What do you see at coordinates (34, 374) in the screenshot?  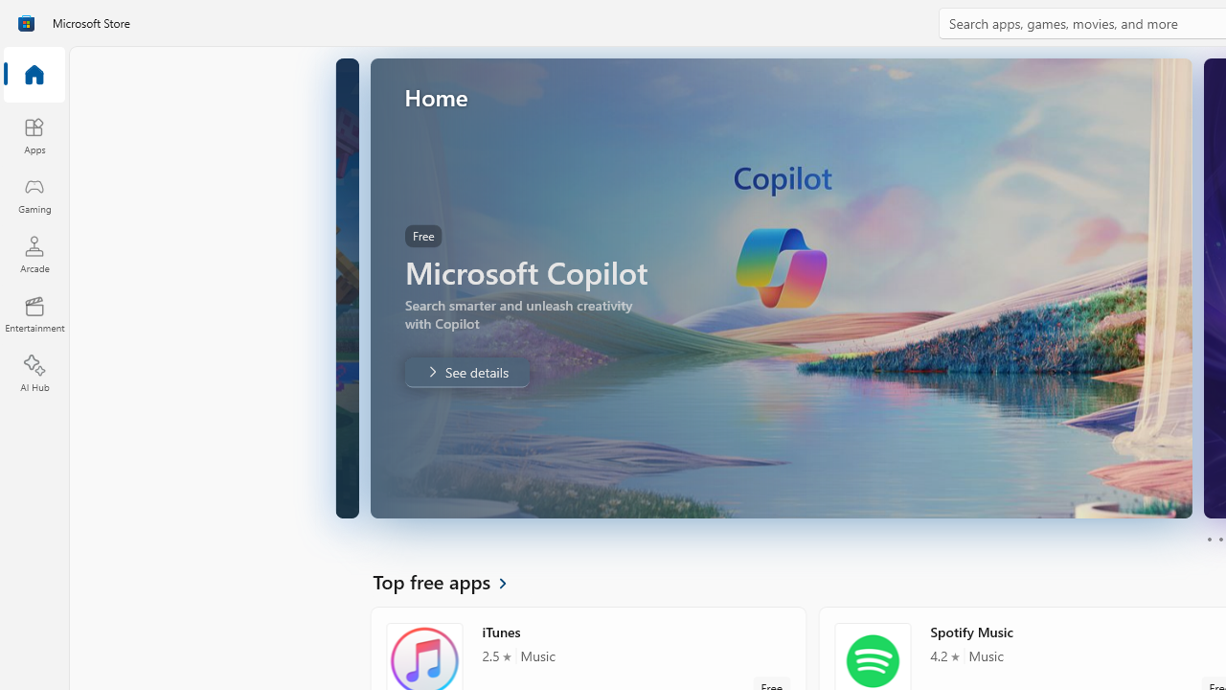 I see `'AI Hub'` at bounding box center [34, 374].